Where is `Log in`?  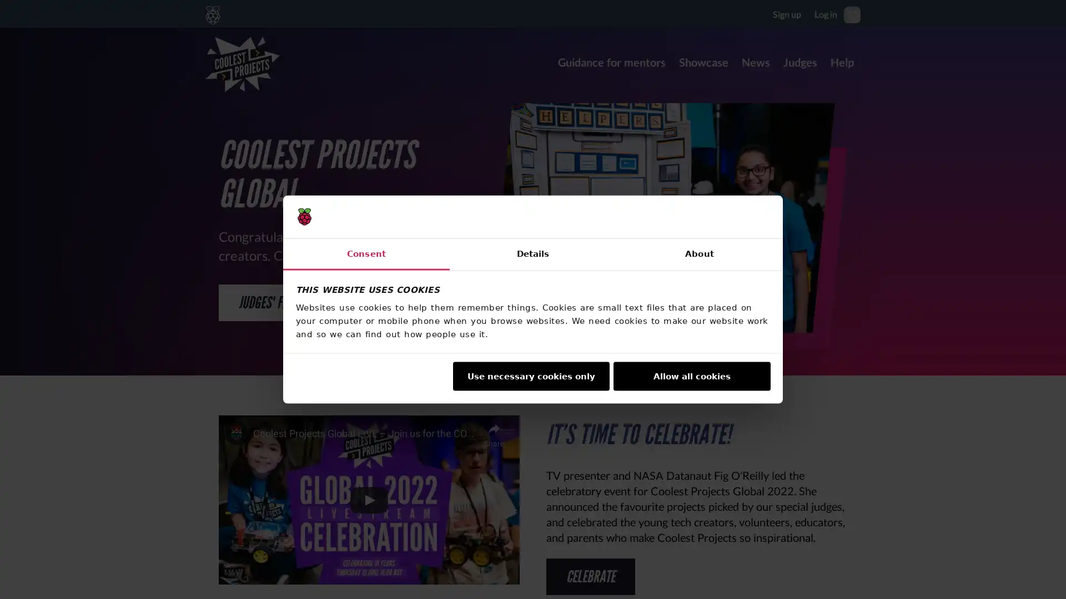 Log in is located at coordinates (826, 13).